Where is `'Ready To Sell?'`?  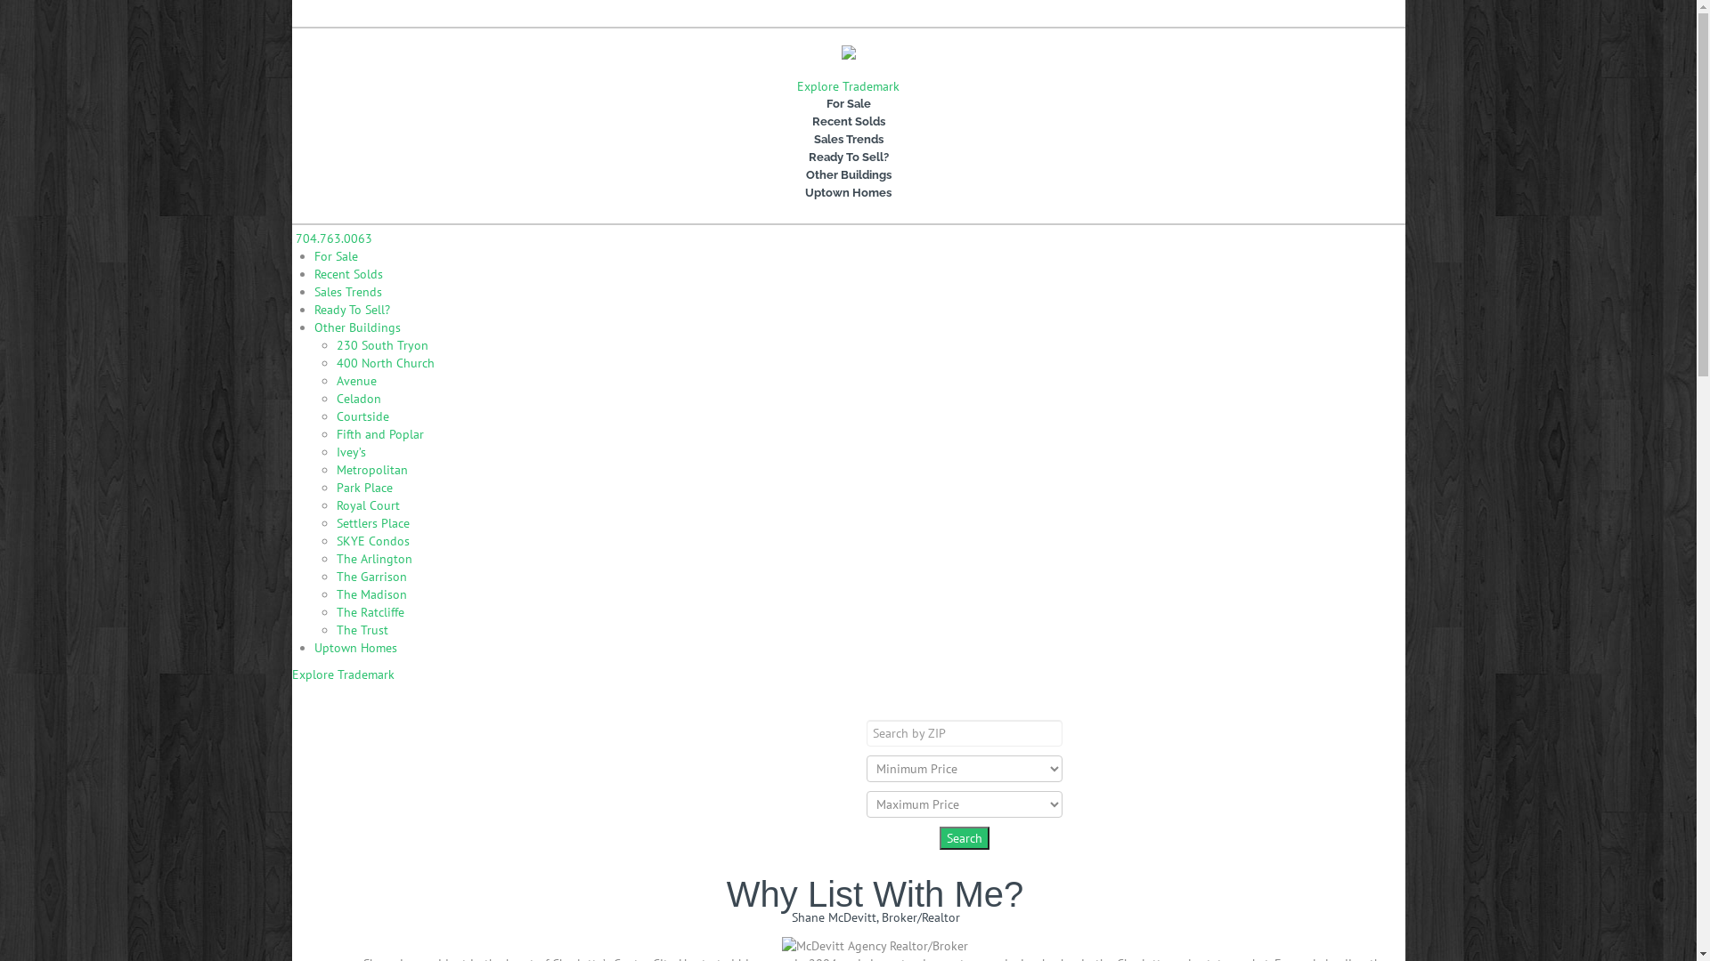 'Ready To Sell?' is located at coordinates (351, 308).